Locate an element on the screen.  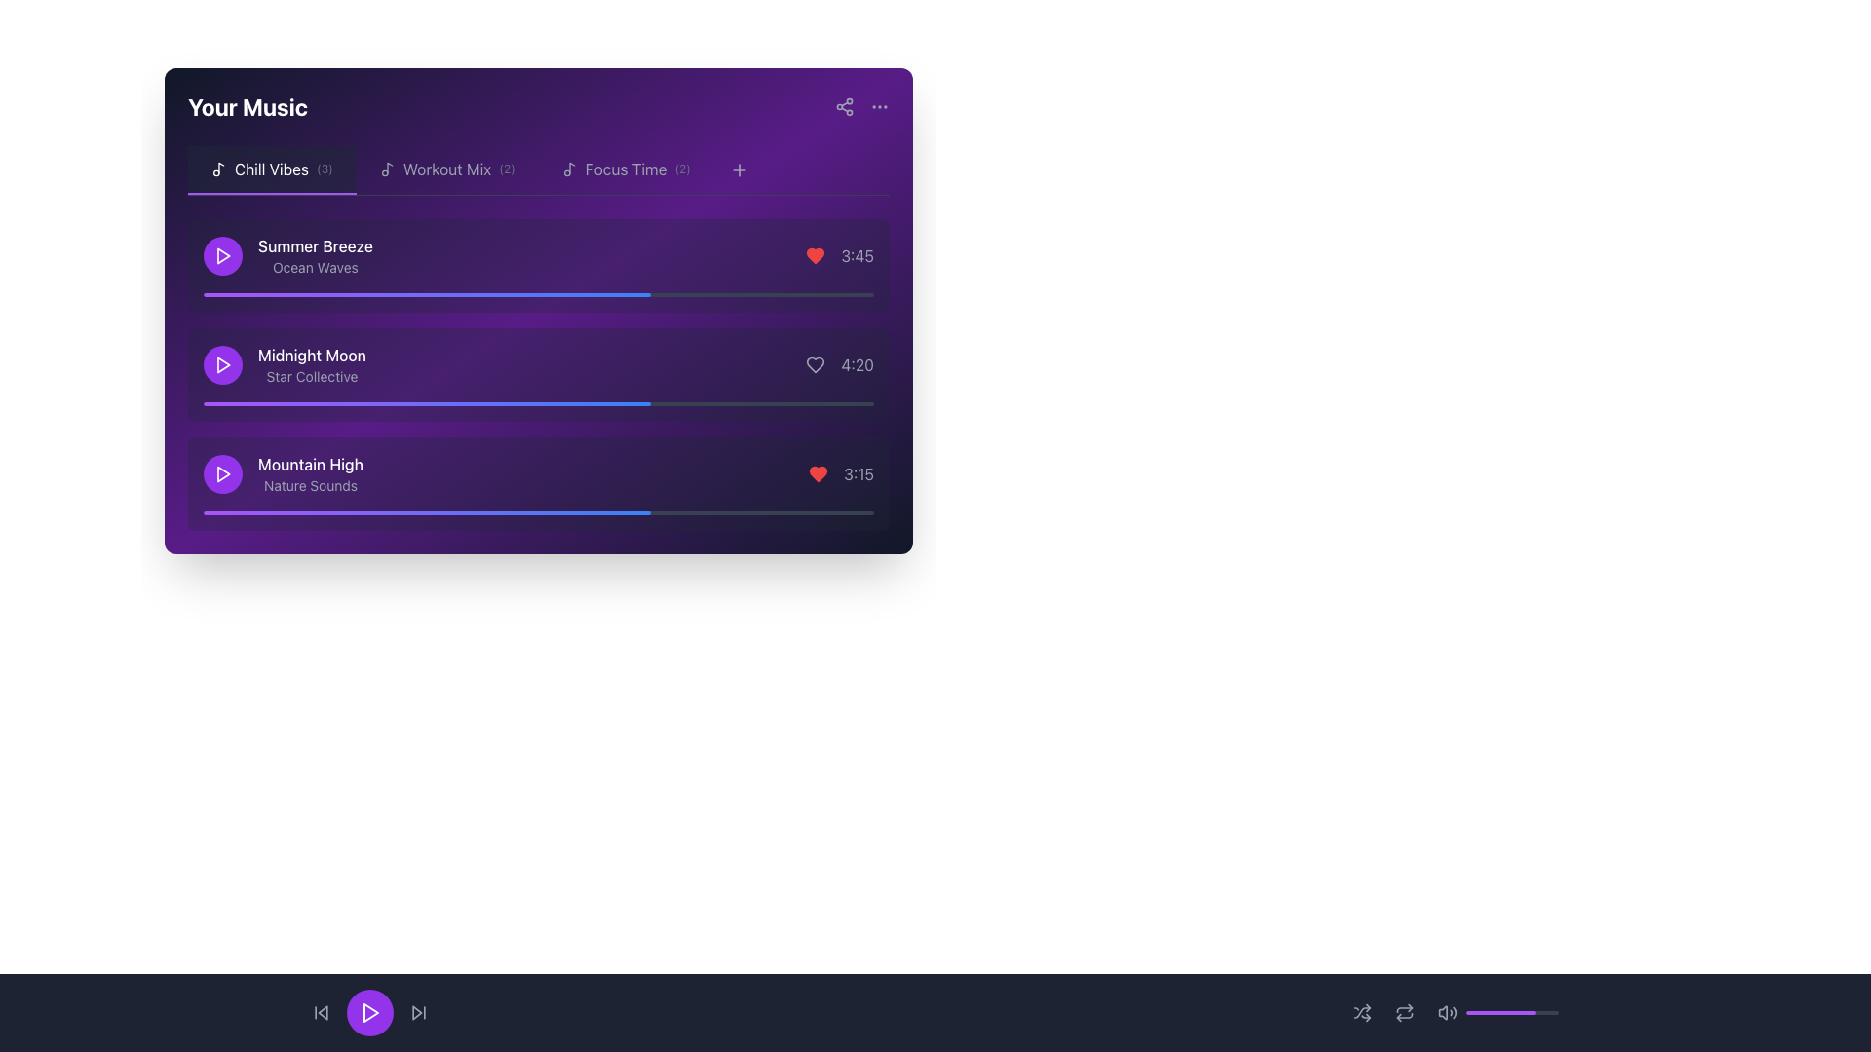
the 'Chill Vibes (3)' clickable list tab, which is styled with white text on a semi-transparent gray background and has a purple border below, indicating it is currently selected is located at coordinates (271, 169).